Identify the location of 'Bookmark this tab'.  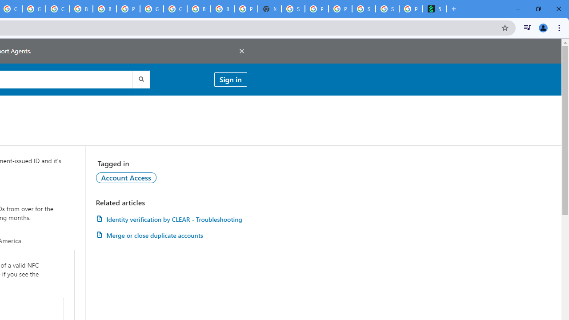
(505, 27).